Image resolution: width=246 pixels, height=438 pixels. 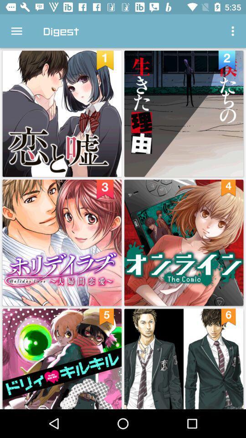 What do you see at coordinates (16, 31) in the screenshot?
I see `icon to the left of digest item` at bounding box center [16, 31].